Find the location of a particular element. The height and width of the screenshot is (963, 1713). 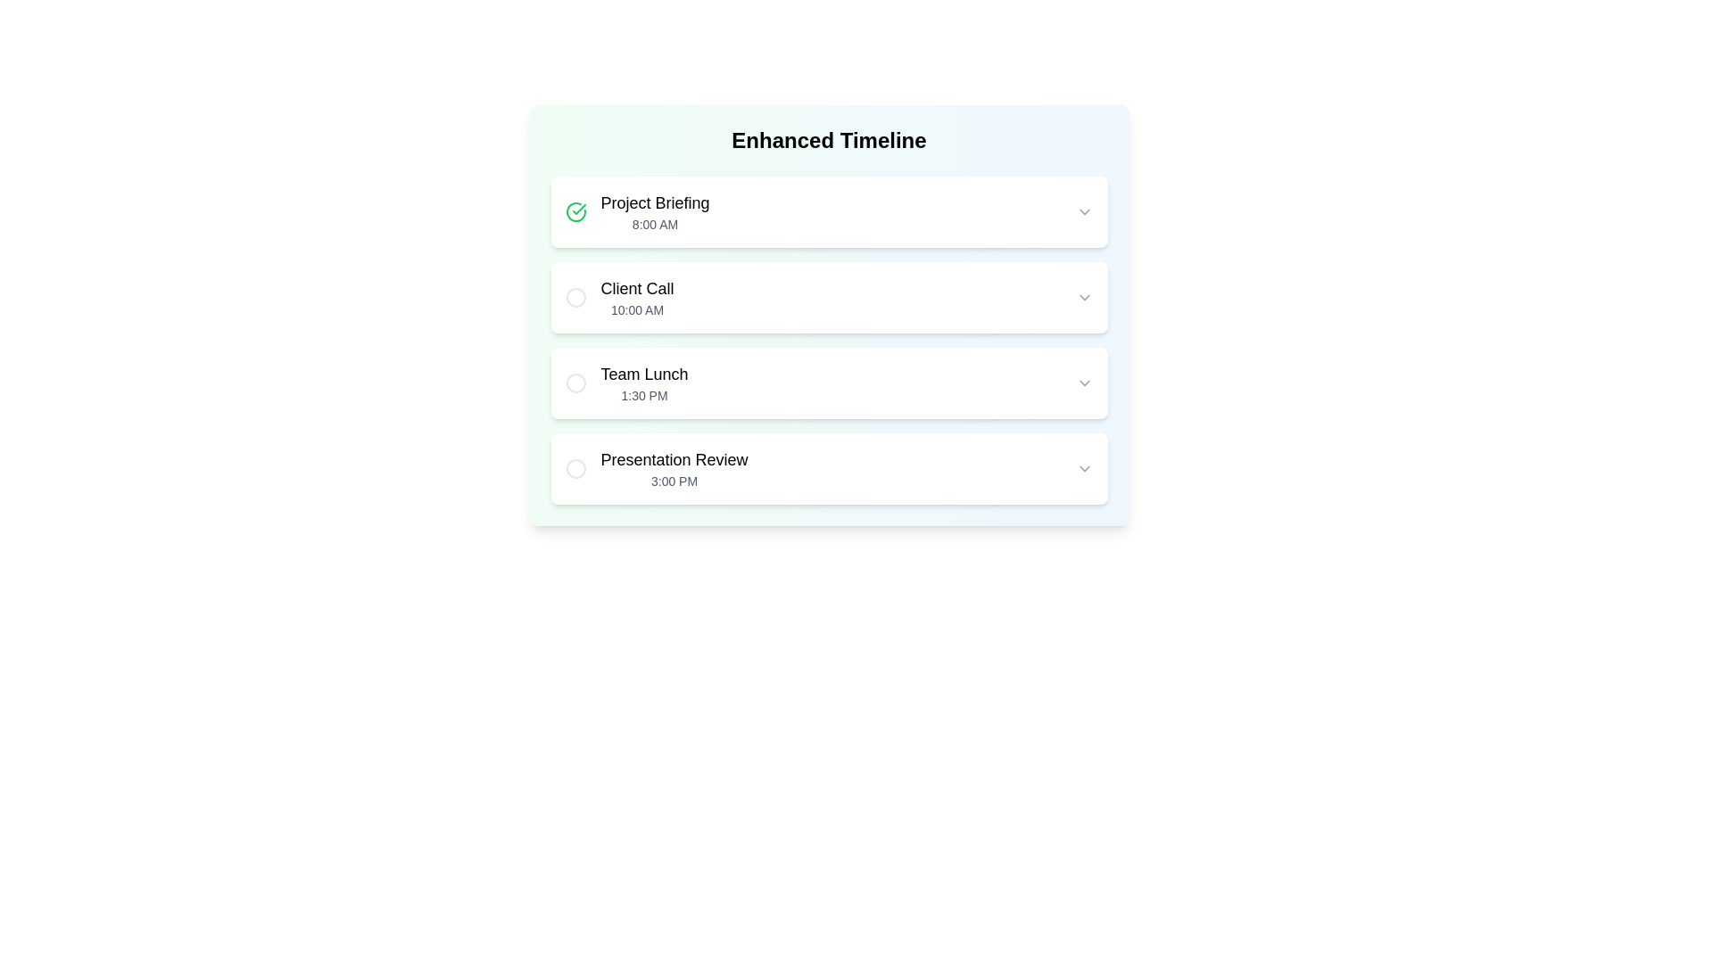

the chevron icon located at the far-right edge of the 'Team Lunch 1:30 PM' list item in the 'Enhanced Timeline' interface is located at coordinates (1083, 382).